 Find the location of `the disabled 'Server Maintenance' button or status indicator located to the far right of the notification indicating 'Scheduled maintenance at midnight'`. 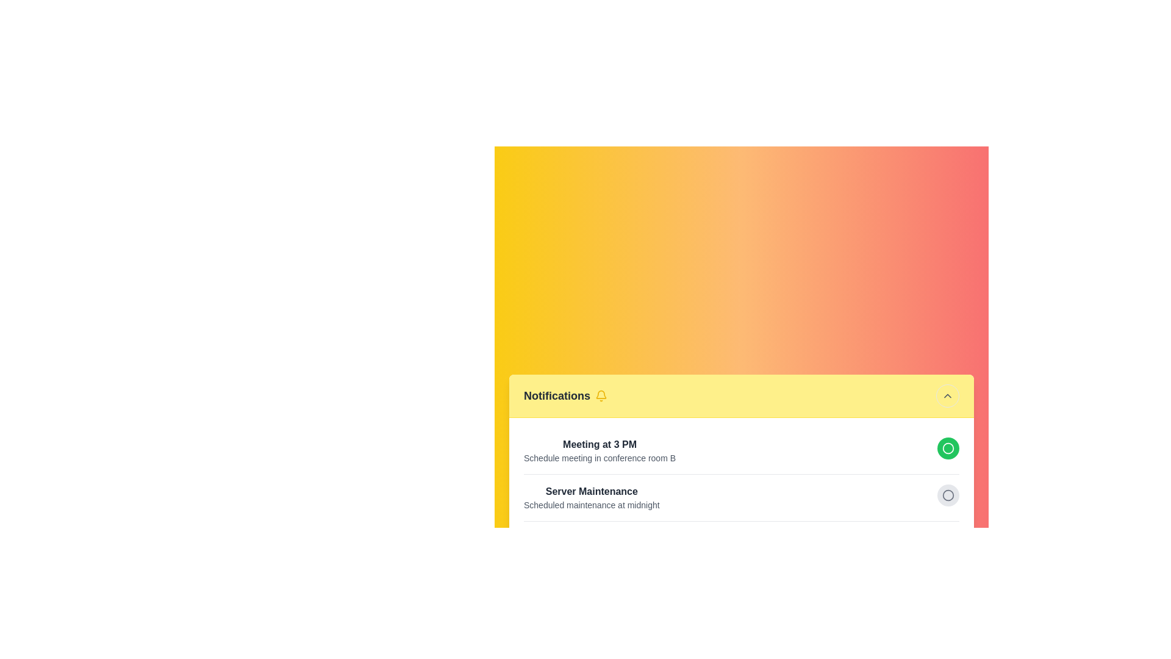

the disabled 'Server Maintenance' button or status indicator located to the far right of the notification indicating 'Scheduled maintenance at midnight' is located at coordinates (948, 494).